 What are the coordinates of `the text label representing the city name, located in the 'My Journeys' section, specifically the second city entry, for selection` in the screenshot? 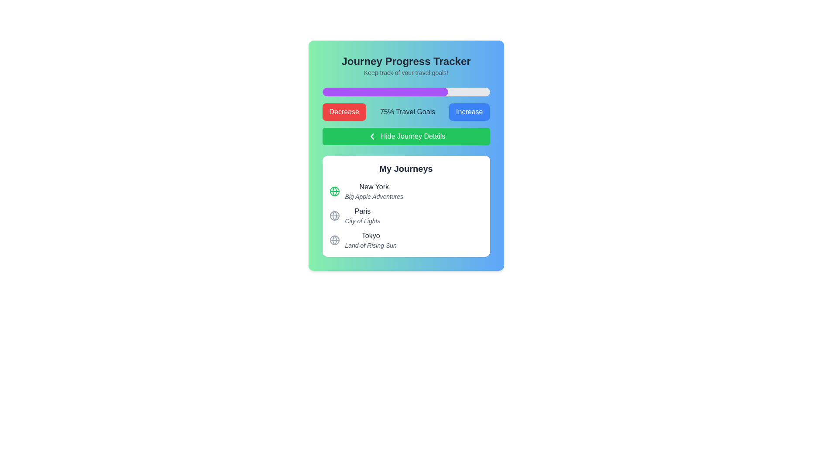 It's located at (362, 212).